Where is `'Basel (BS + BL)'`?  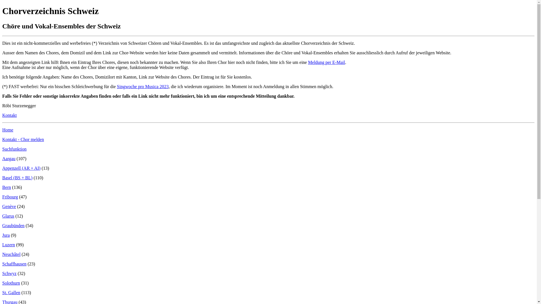 'Basel (BS + BL)' is located at coordinates (2, 178).